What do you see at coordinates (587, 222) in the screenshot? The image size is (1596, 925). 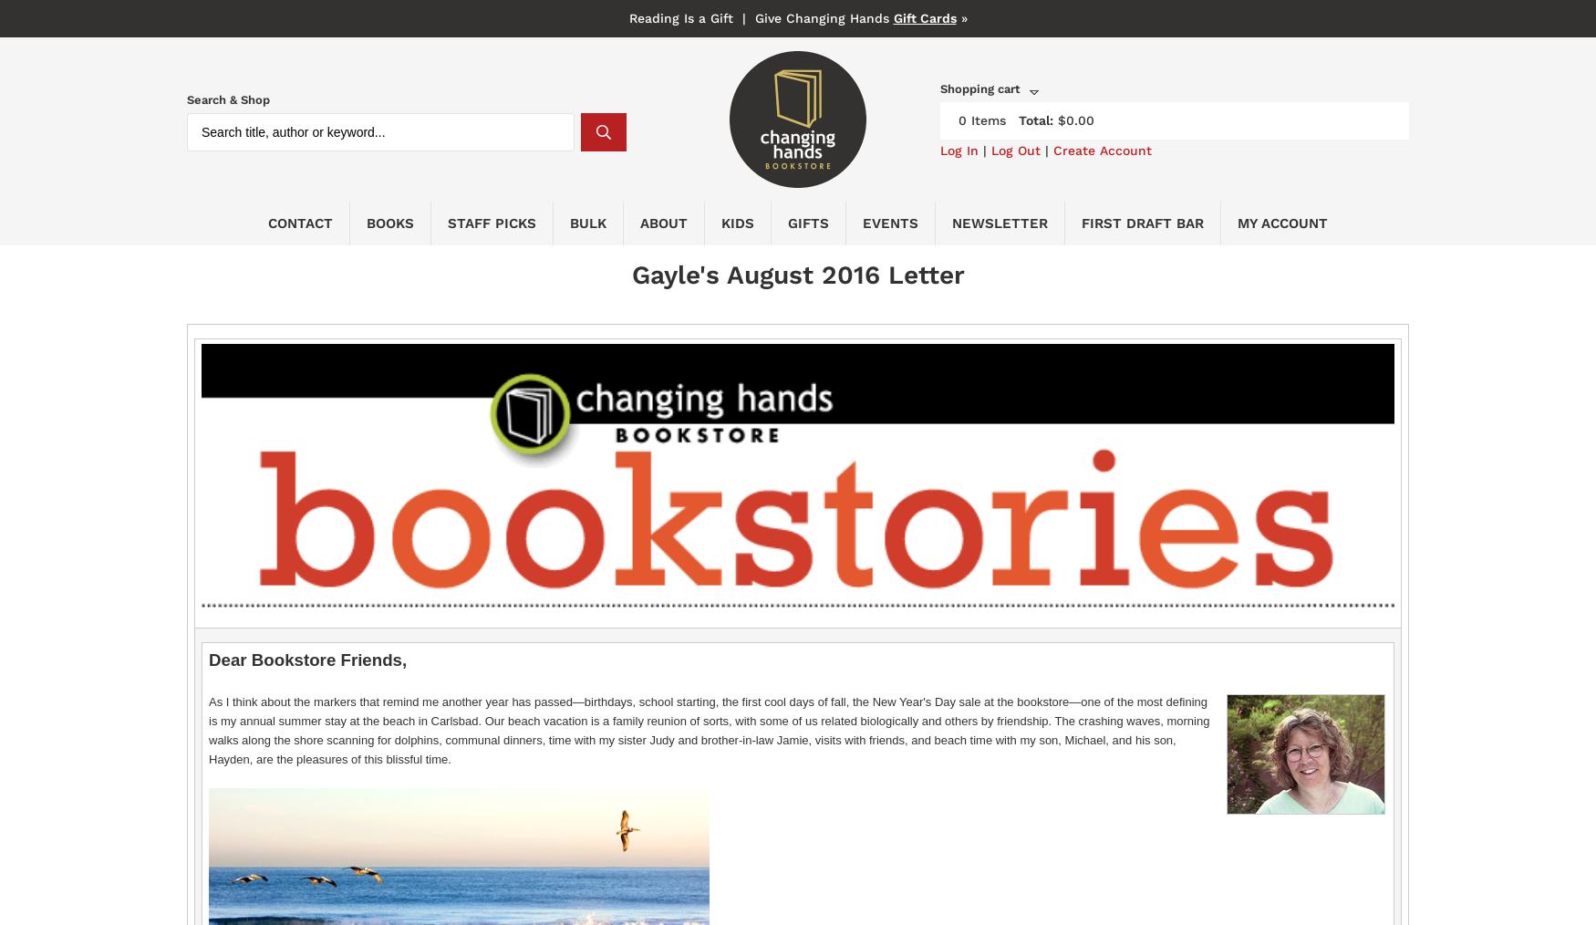 I see `'BULK'` at bounding box center [587, 222].